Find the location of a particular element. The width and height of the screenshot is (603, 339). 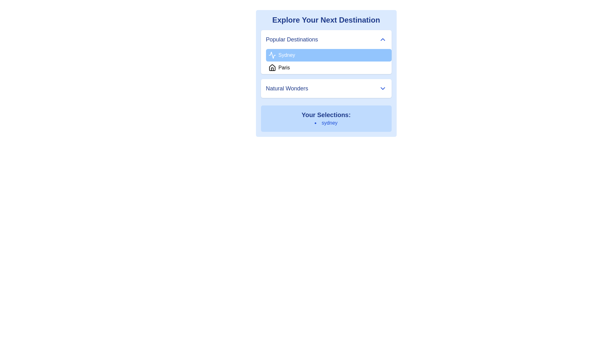

the 'Popular Destinations' collapsible section header for keyboard interaction is located at coordinates (326, 40).